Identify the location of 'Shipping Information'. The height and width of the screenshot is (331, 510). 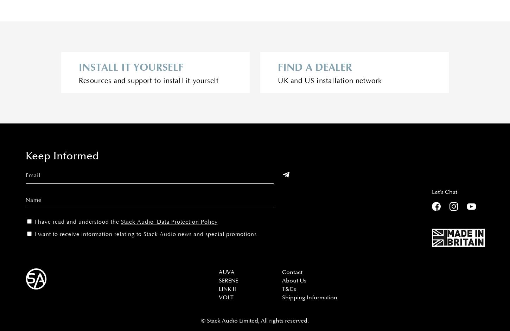
(309, 297).